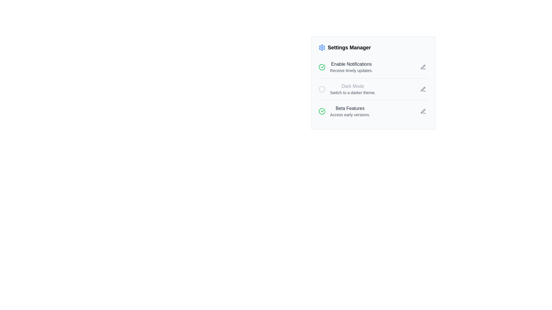  Describe the element at coordinates (423, 111) in the screenshot. I see `the button located to the far right side of the 'Beta Features' section in the settings menu` at that location.